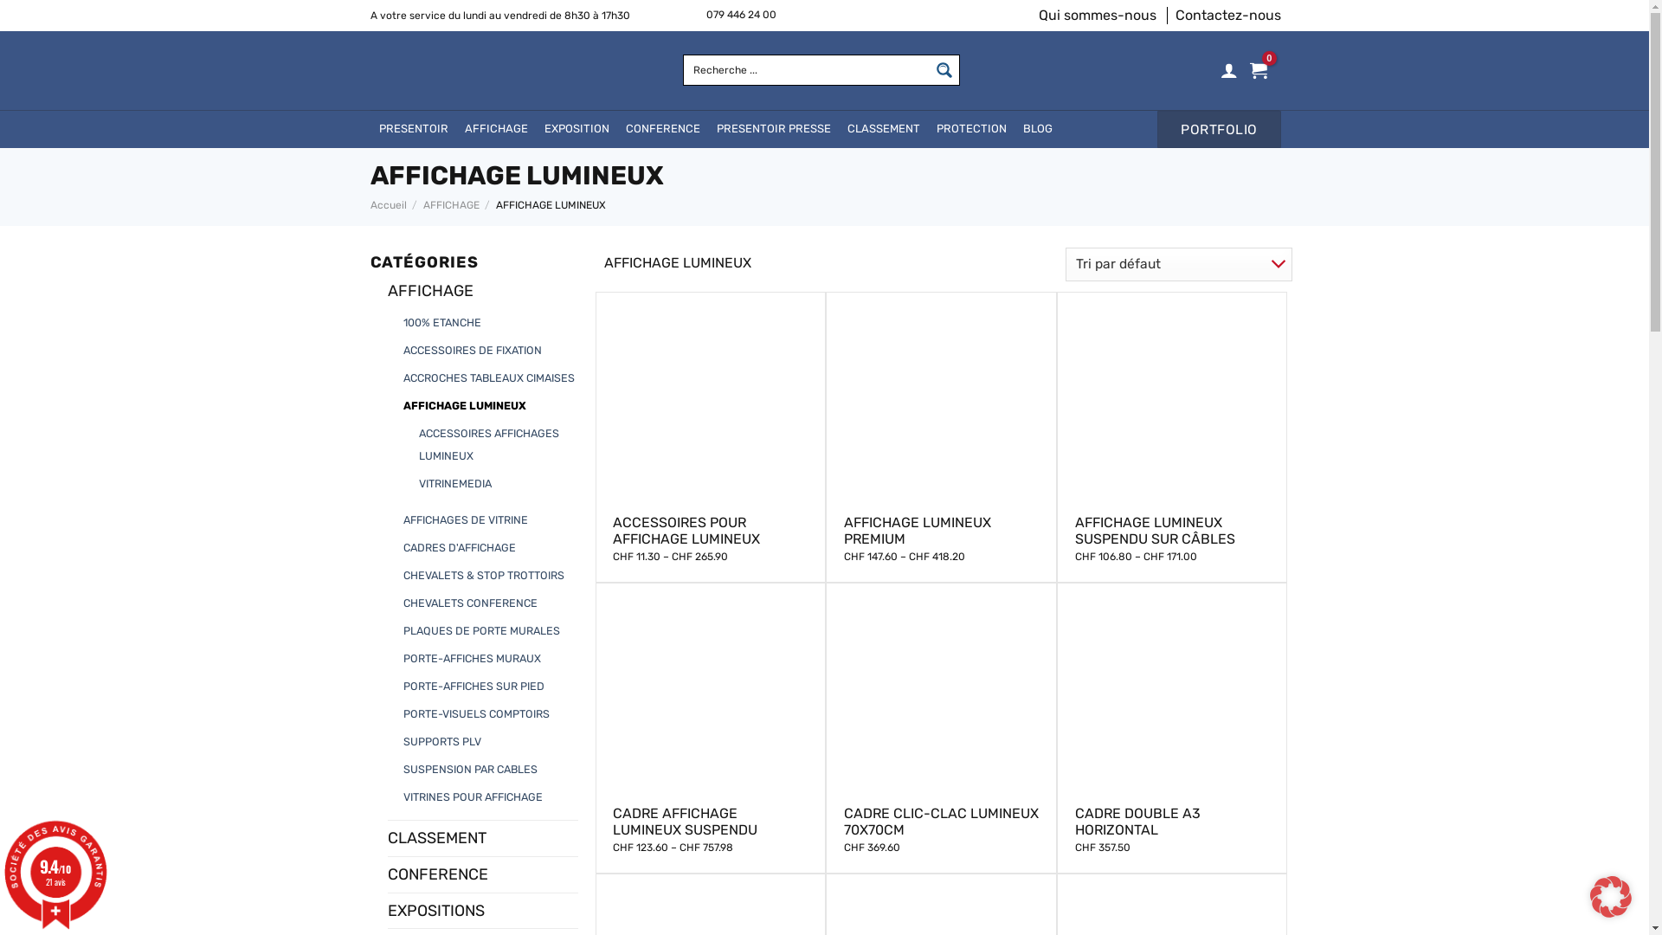  Describe the element at coordinates (1014, 128) in the screenshot. I see `'BLOG'` at that location.